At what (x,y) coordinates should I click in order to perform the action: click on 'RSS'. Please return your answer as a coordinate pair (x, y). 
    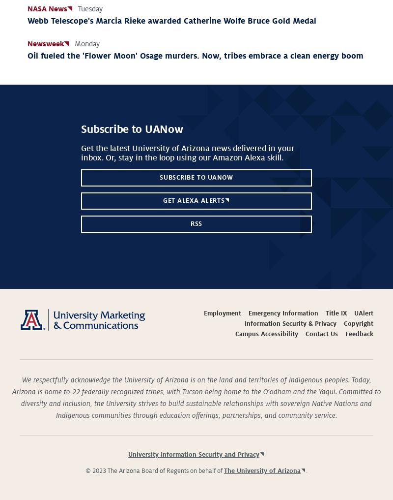
    Looking at the image, I should click on (190, 223).